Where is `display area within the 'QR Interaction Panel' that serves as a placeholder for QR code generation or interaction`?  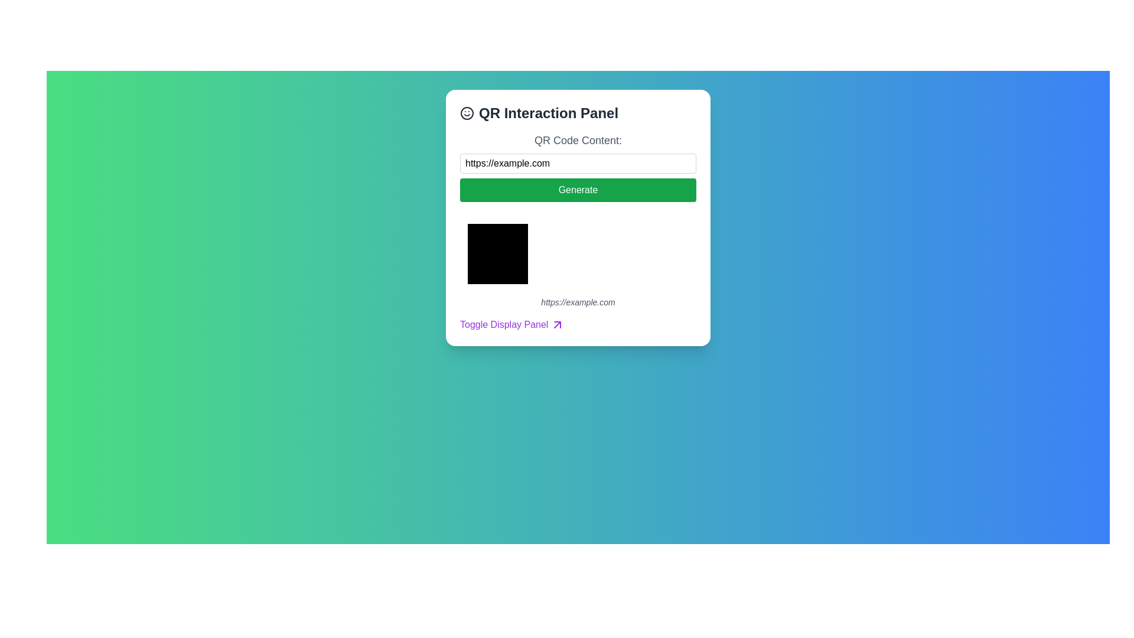
display area within the 'QR Interaction Panel' that serves as a placeholder for QR code generation or interaction is located at coordinates (498, 253).